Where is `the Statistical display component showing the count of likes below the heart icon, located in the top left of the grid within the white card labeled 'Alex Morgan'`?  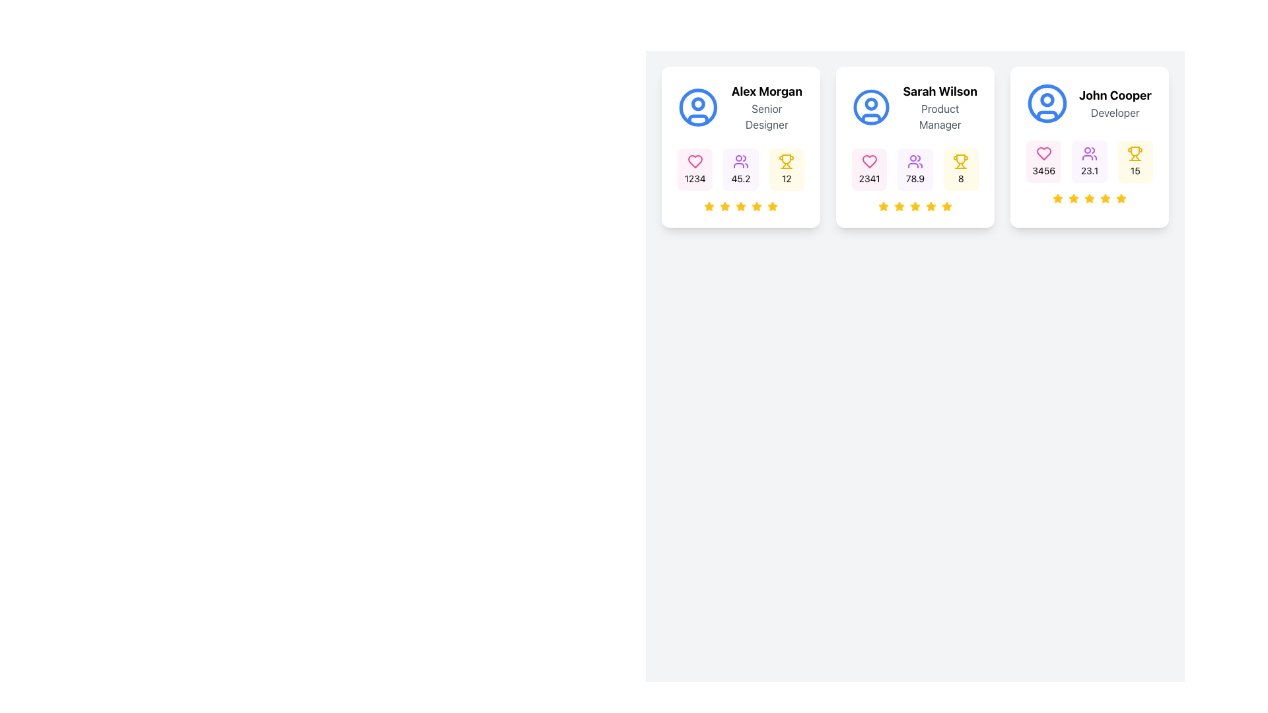
the Statistical display component showing the count of likes below the heart icon, located in the top left of the grid within the white card labeled 'Alex Morgan' is located at coordinates (694, 169).